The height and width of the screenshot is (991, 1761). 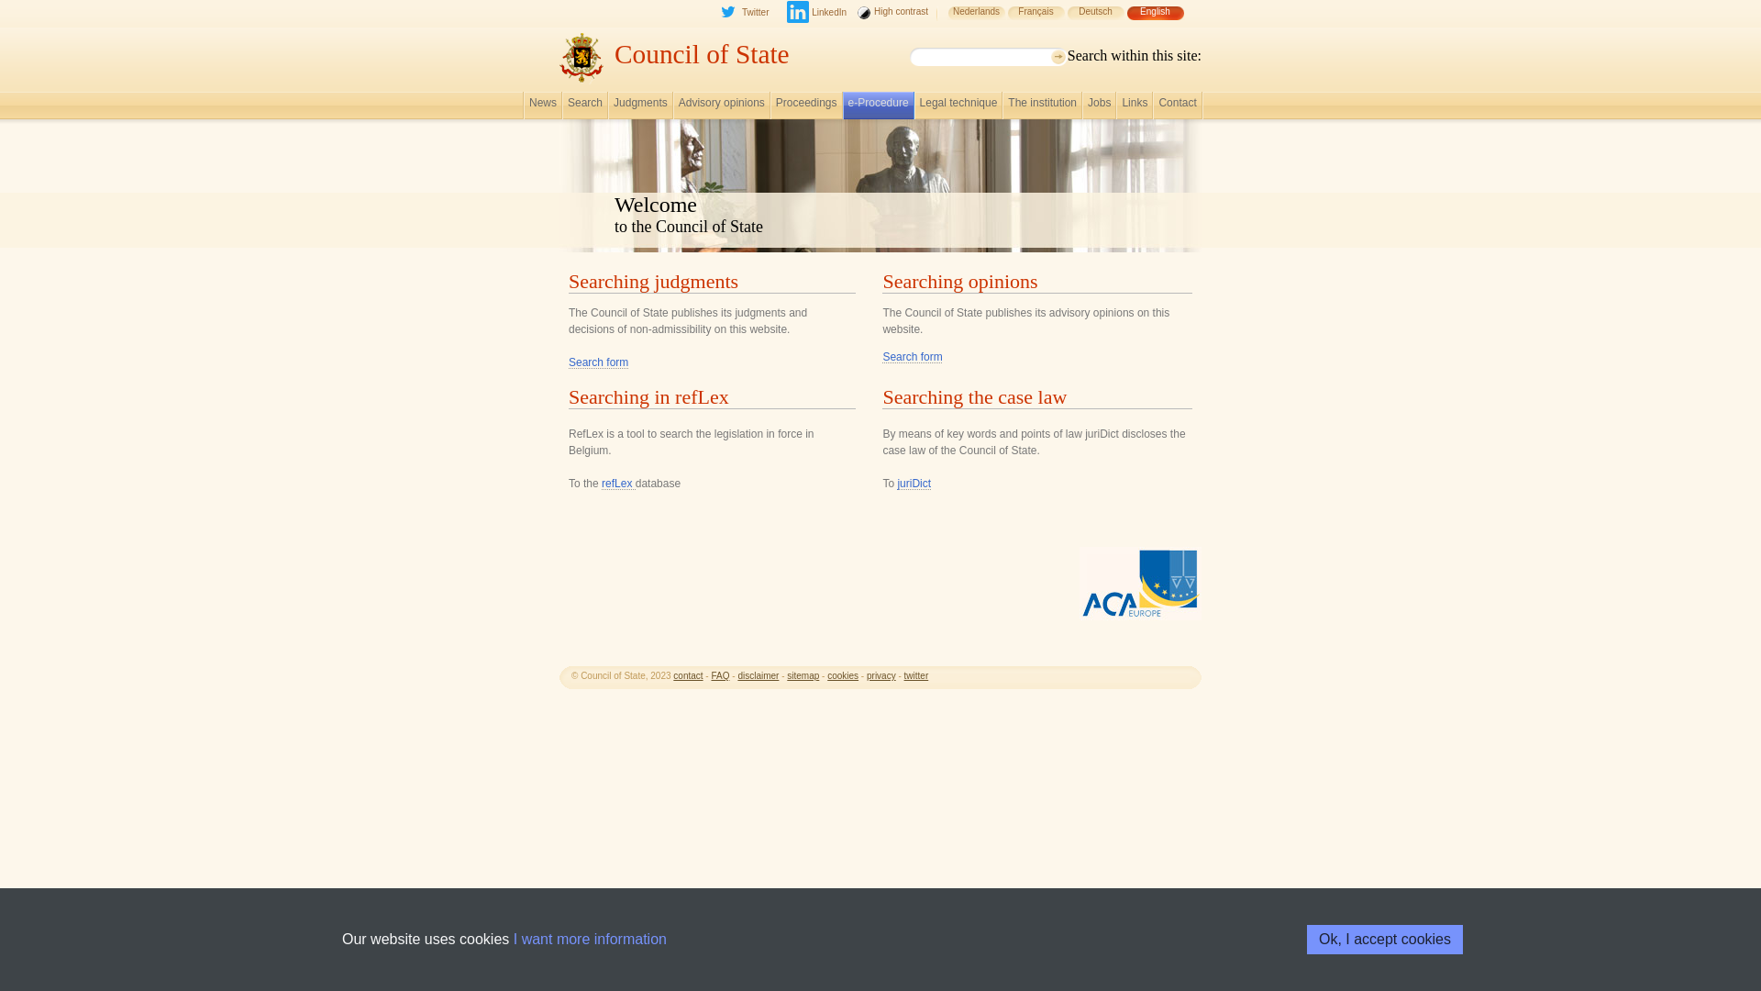 What do you see at coordinates (892, 20) in the screenshot?
I see `'High contrast'` at bounding box center [892, 20].